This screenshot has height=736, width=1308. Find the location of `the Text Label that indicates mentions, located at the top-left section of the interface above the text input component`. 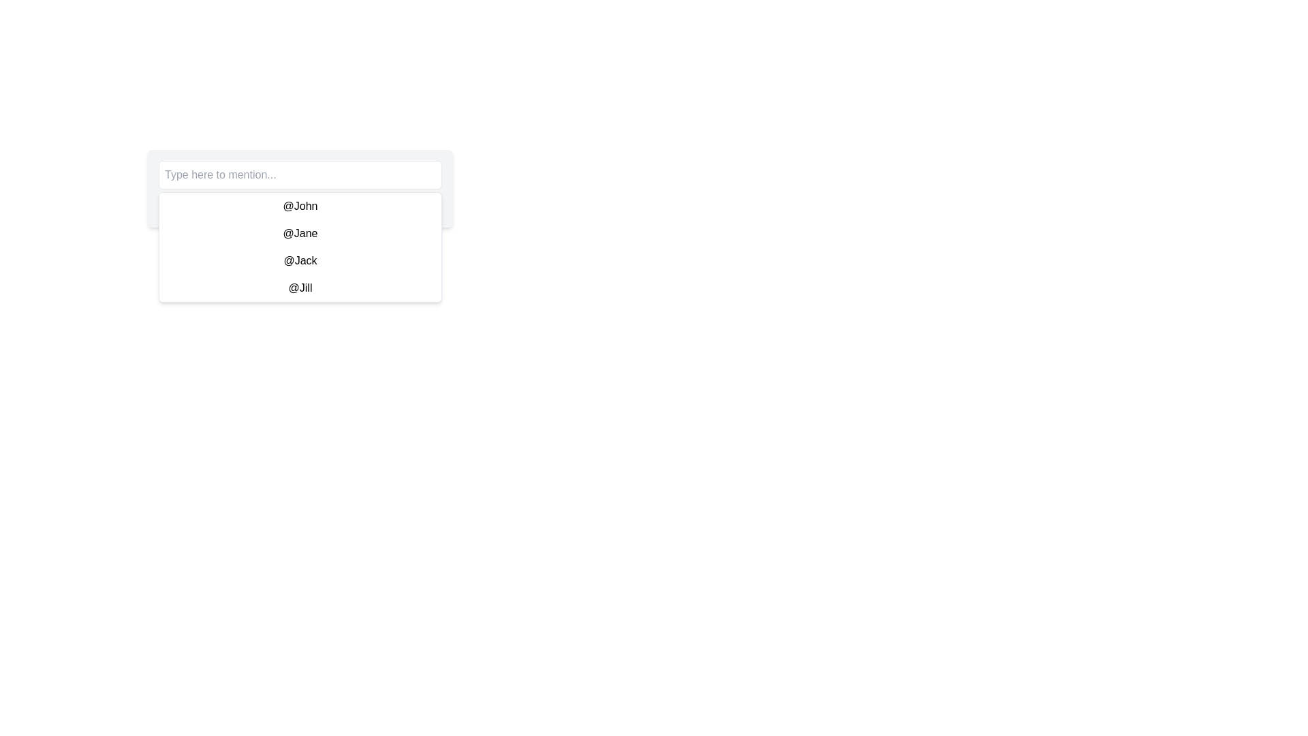

the Text Label that indicates mentions, located at the top-left section of the interface above the text input component is located at coordinates (300, 202).